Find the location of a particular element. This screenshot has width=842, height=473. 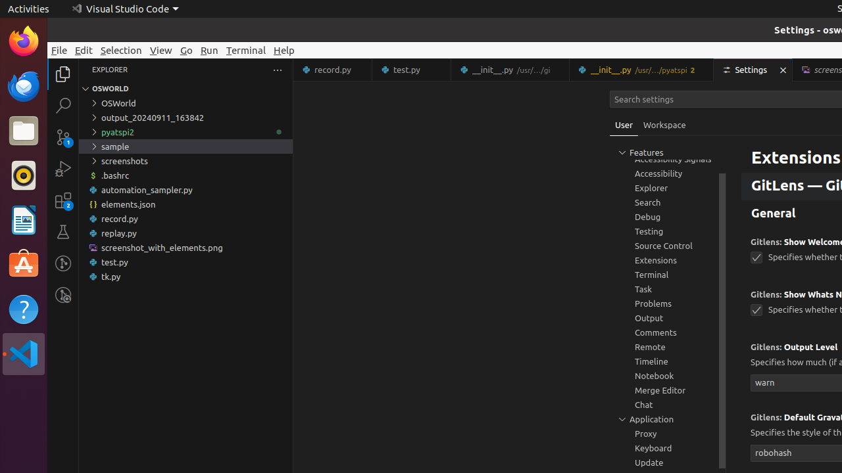

'Source Control, group' is located at coordinates (668, 245).